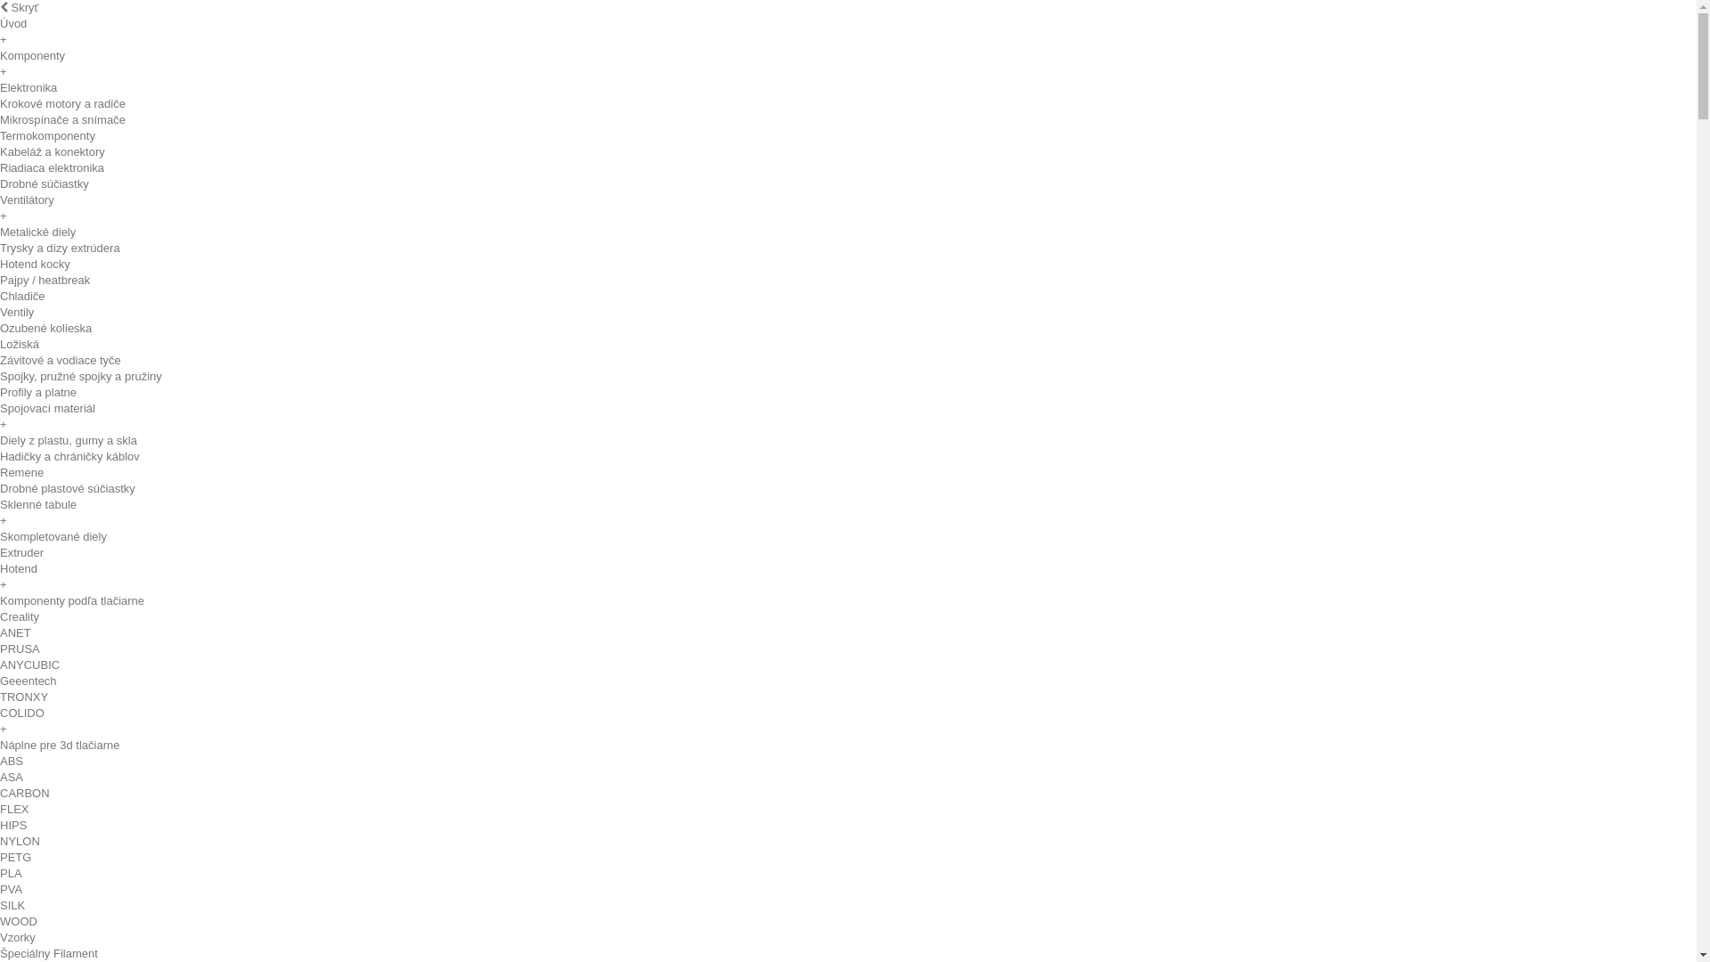  What do you see at coordinates (0, 905) in the screenshot?
I see `'SILK'` at bounding box center [0, 905].